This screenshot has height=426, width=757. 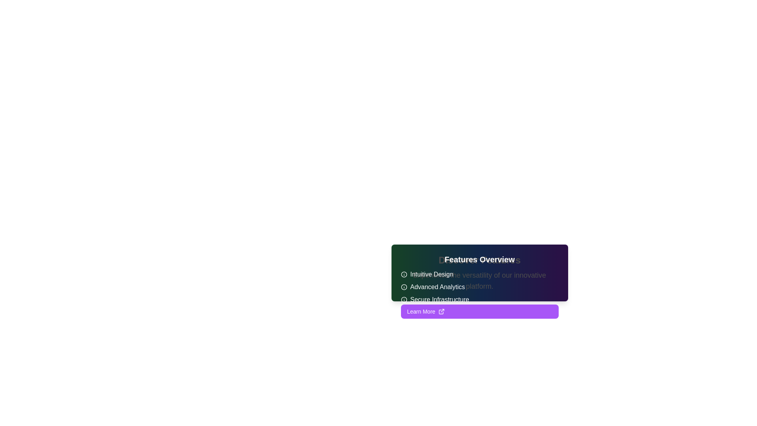 What do you see at coordinates (404, 274) in the screenshot?
I see `the SVG Circle Element, which is the outer ring of an icon within the 'Features Overview' card, positioned to the right of the 'Intuitive Design' text and above the 'Learn More' button` at bounding box center [404, 274].